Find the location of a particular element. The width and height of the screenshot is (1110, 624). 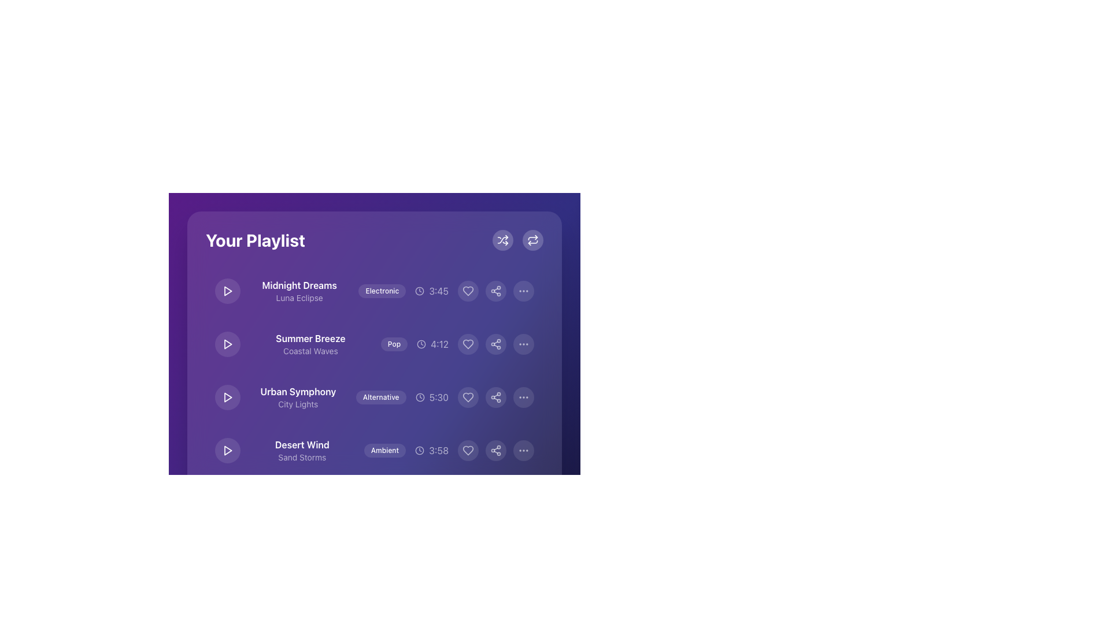

information displayed in the Text Label that is the third entry in the vertical list of playlist items, located between 'Summer Breeze' and 'Desert Wind.' is located at coordinates (298, 396).